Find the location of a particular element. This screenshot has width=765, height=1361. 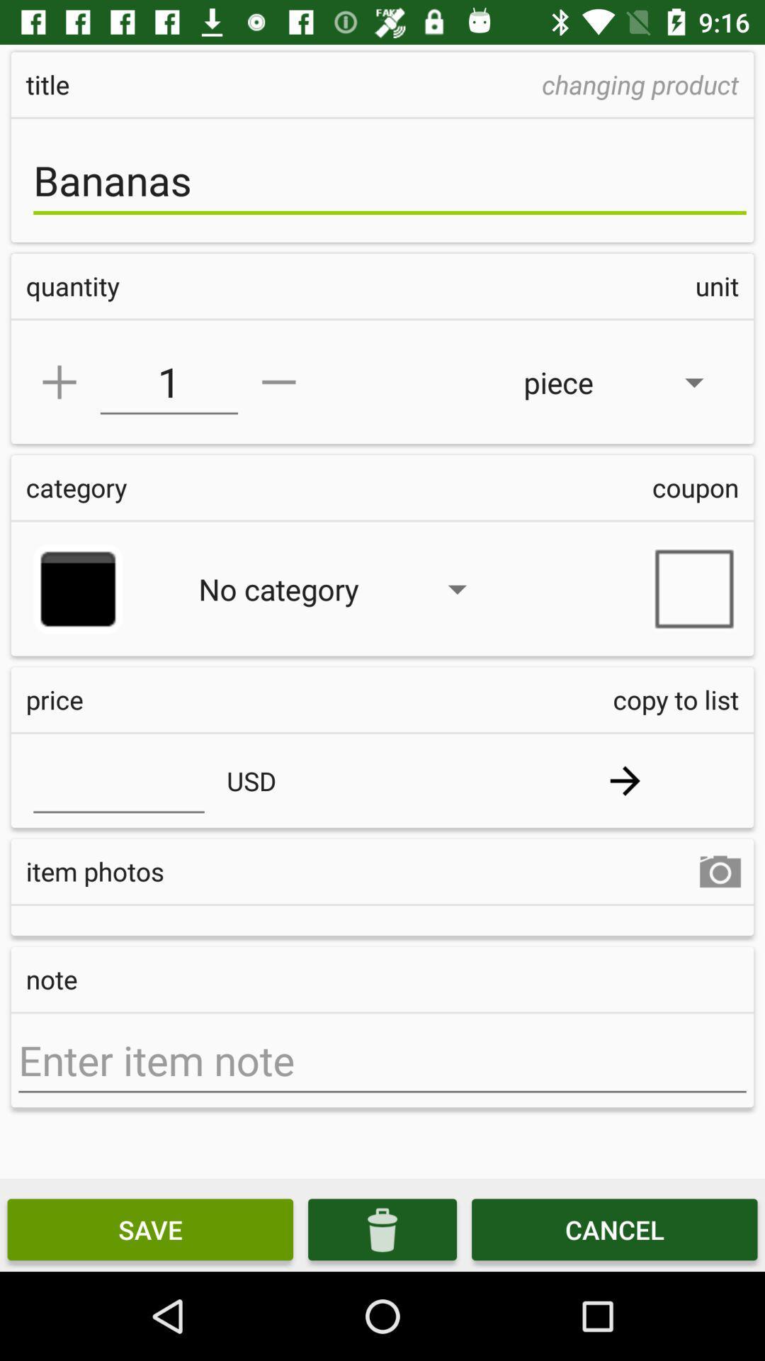

the cancel icon is located at coordinates (613, 1228).